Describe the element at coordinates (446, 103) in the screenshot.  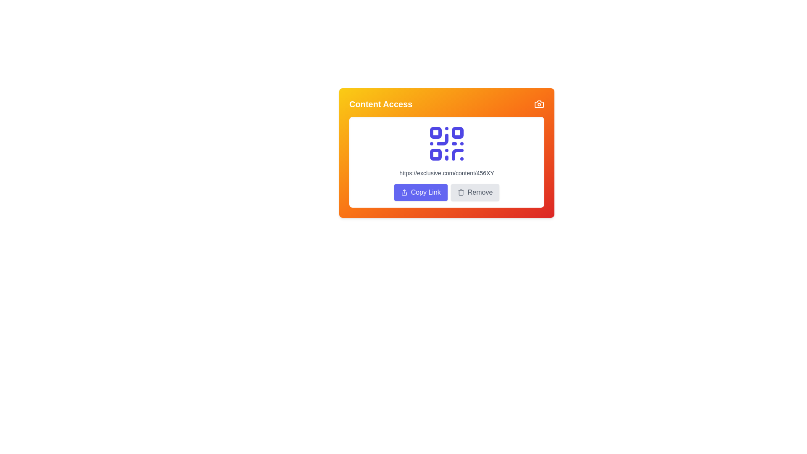
I see `the Header or Title Bar displaying 'Content Access' with a yellow-to-red gradient background and a camera icon on the right` at that location.